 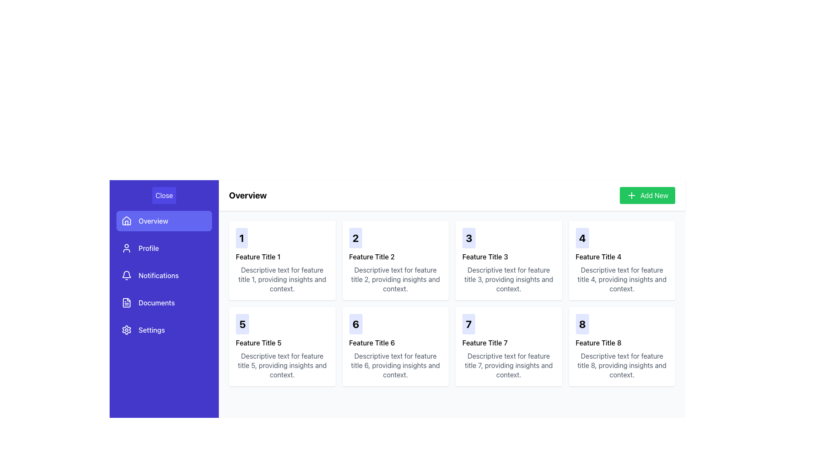 I want to click on the bell icon in the sidebar menu that signifies notifications, located to the left of the text 'Notifications', so click(x=126, y=276).